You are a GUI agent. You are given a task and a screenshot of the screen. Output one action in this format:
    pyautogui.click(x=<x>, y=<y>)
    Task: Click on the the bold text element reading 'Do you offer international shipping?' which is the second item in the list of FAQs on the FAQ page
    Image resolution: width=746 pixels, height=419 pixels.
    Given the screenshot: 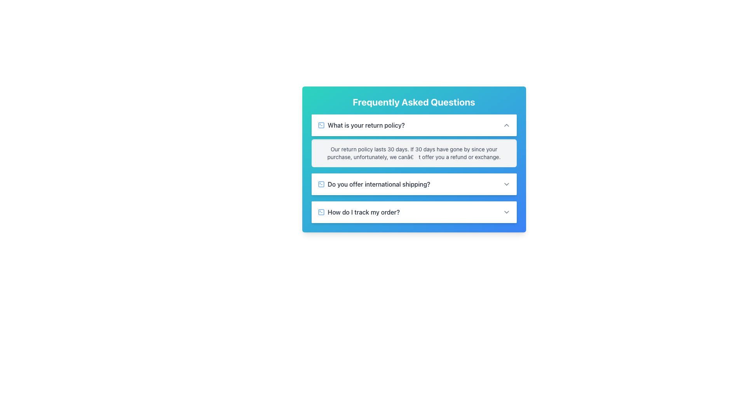 What is the action you would take?
    pyautogui.click(x=379, y=184)
    